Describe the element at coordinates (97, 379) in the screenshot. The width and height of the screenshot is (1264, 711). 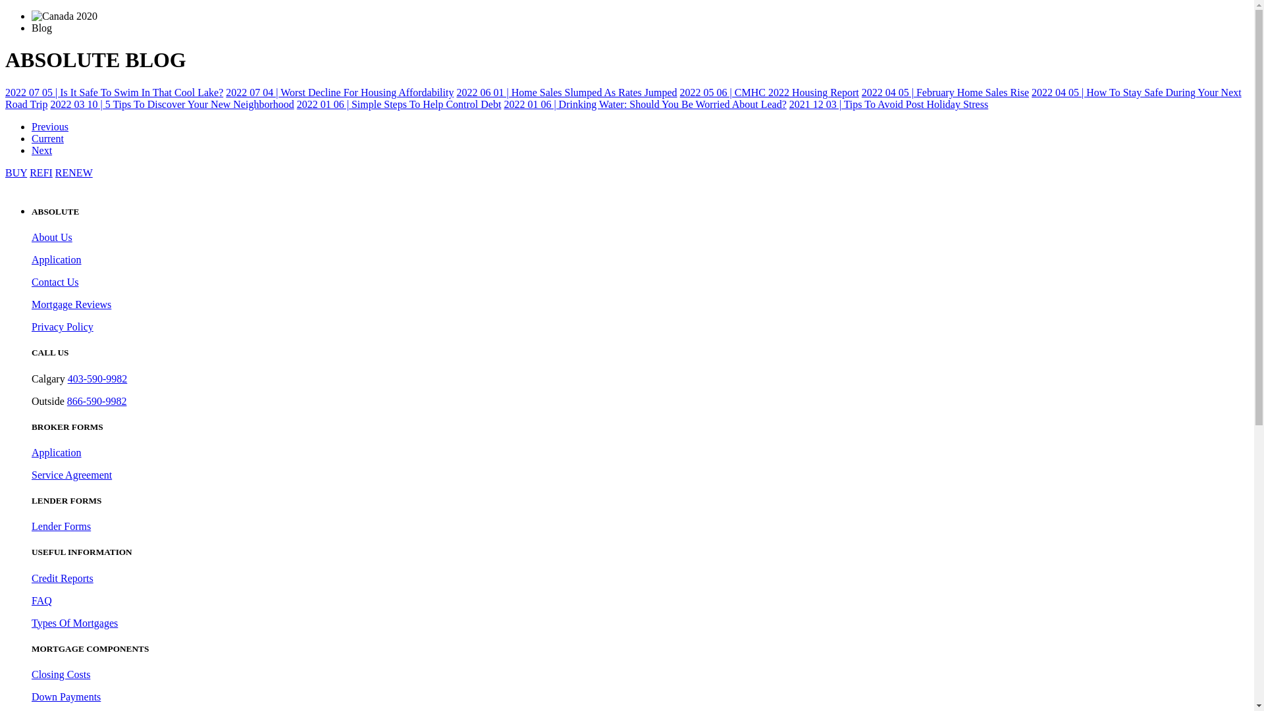
I see `'403-590-9982'` at that location.